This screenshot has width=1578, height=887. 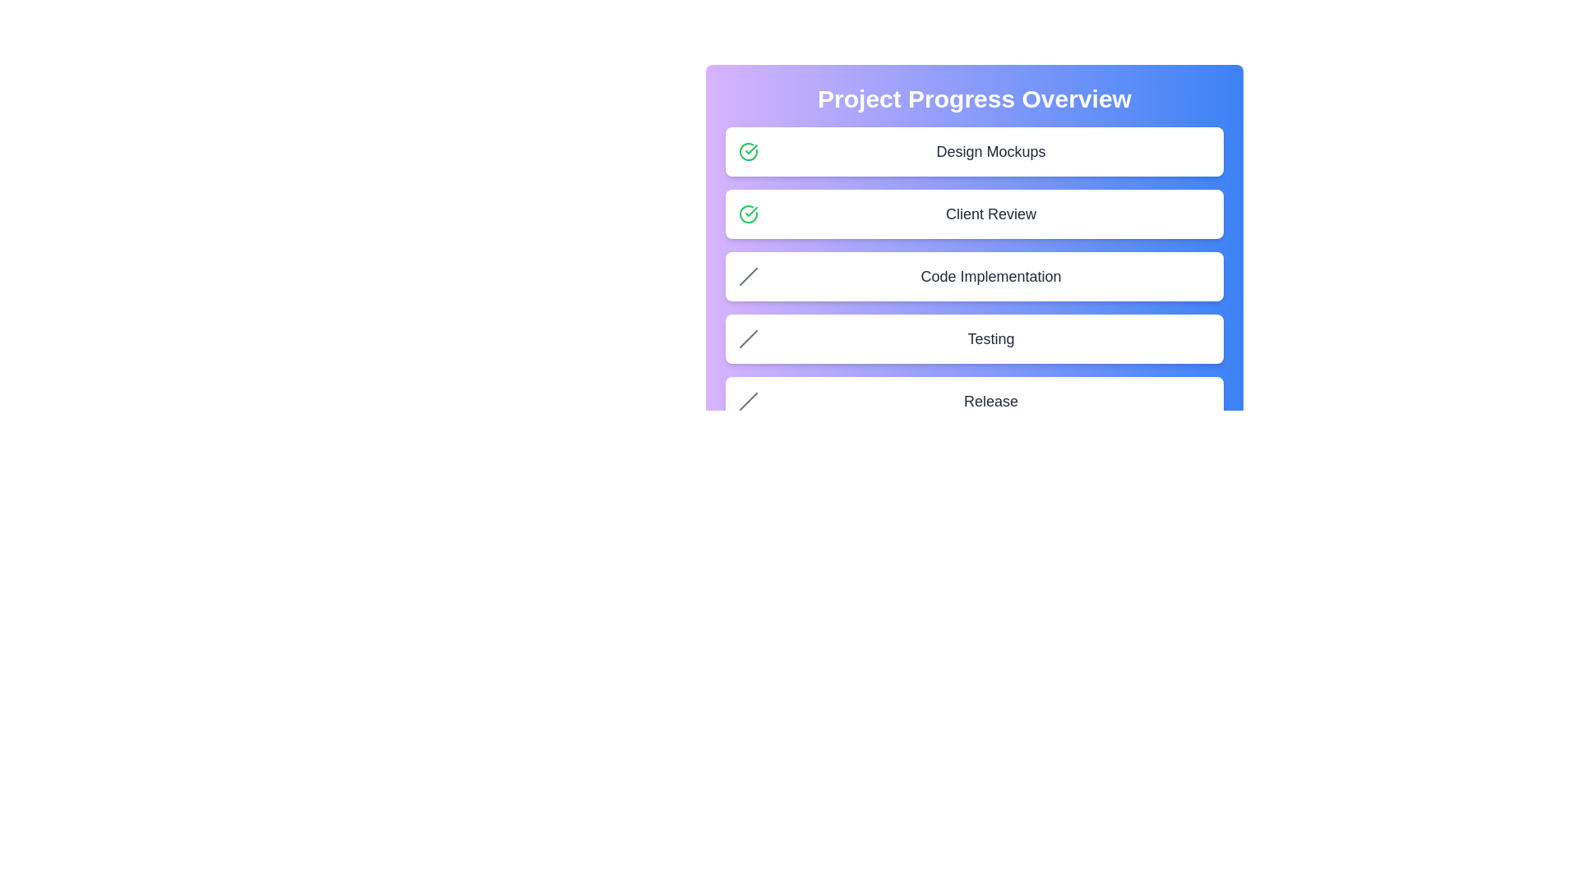 I want to click on the content of the fifth list item under 'Project Progress Overview' which indicates the 'Release' task status, so click(x=974, y=402).